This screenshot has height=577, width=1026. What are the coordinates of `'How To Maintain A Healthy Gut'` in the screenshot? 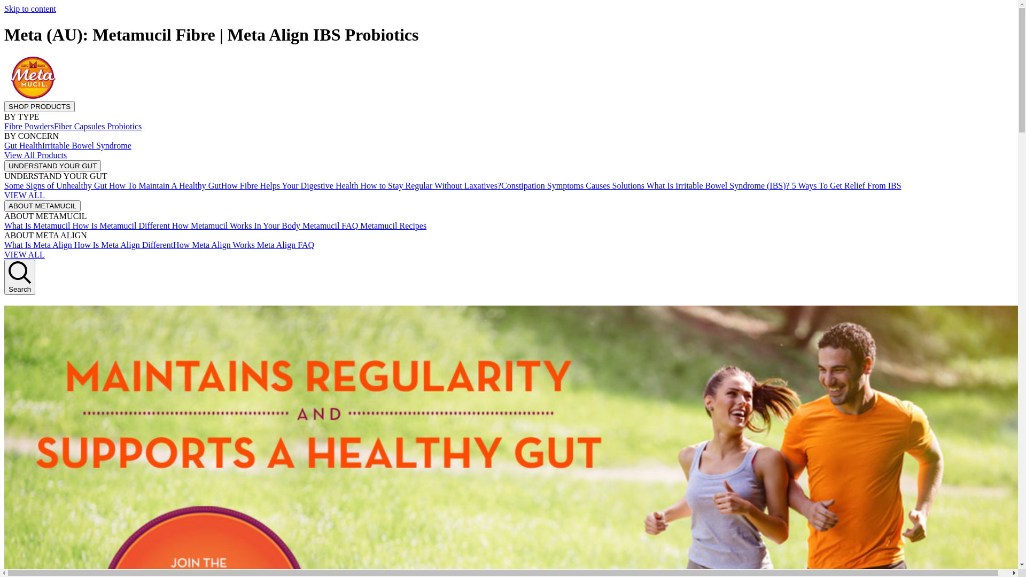 It's located at (164, 185).